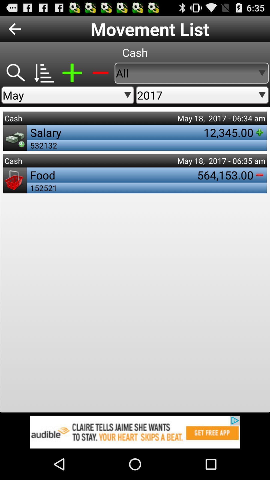  What do you see at coordinates (135, 432) in the screenshot?
I see `open an advertisement` at bounding box center [135, 432].